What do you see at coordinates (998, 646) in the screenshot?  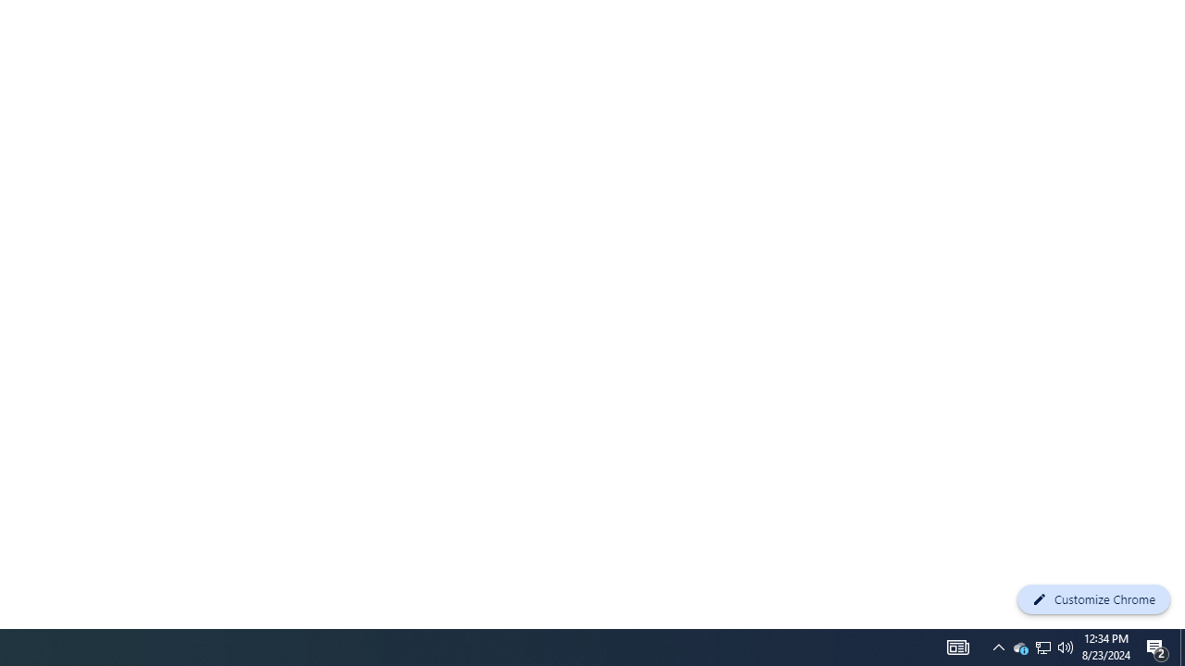 I see `'Notification Chevron'` at bounding box center [998, 646].